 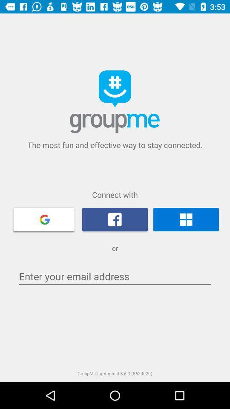 I want to click on connect with facebook account, so click(x=115, y=219).